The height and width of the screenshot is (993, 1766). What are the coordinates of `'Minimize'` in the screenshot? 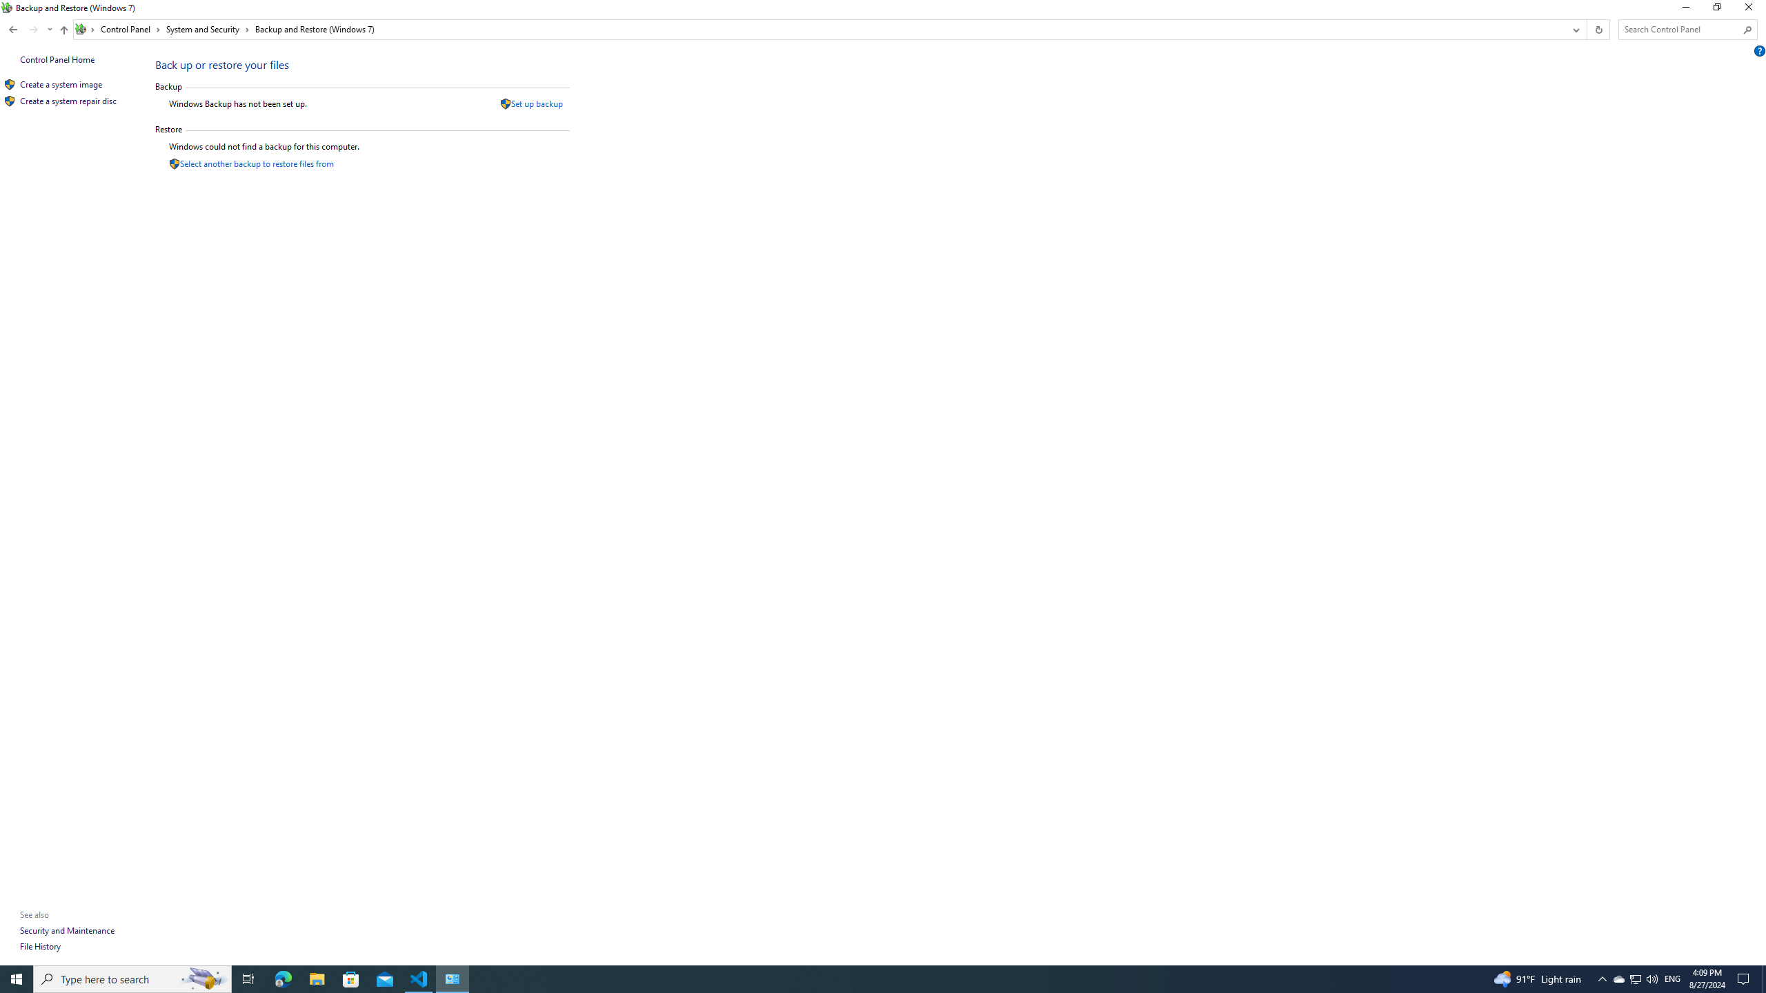 It's located at (1684, 10).